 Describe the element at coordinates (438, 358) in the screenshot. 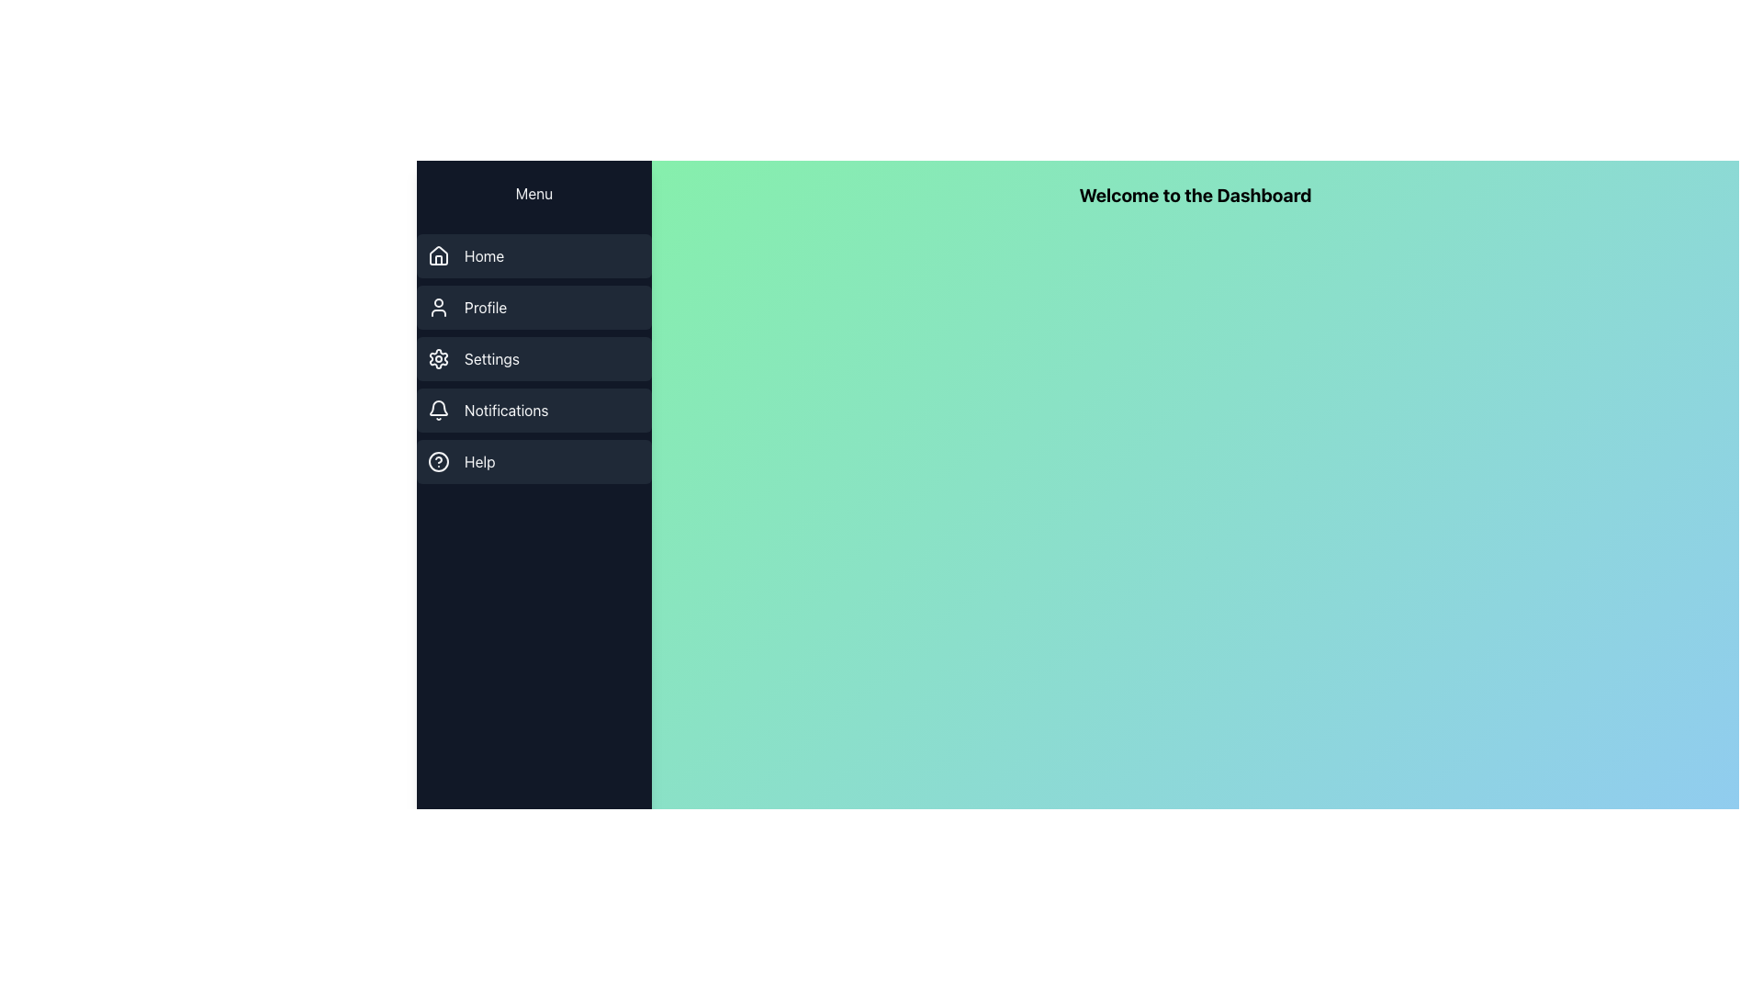

I see `the gear icon representing the 'Settings' option in the sidebar navigation menu, styled in light gray on a dark background` at that location.